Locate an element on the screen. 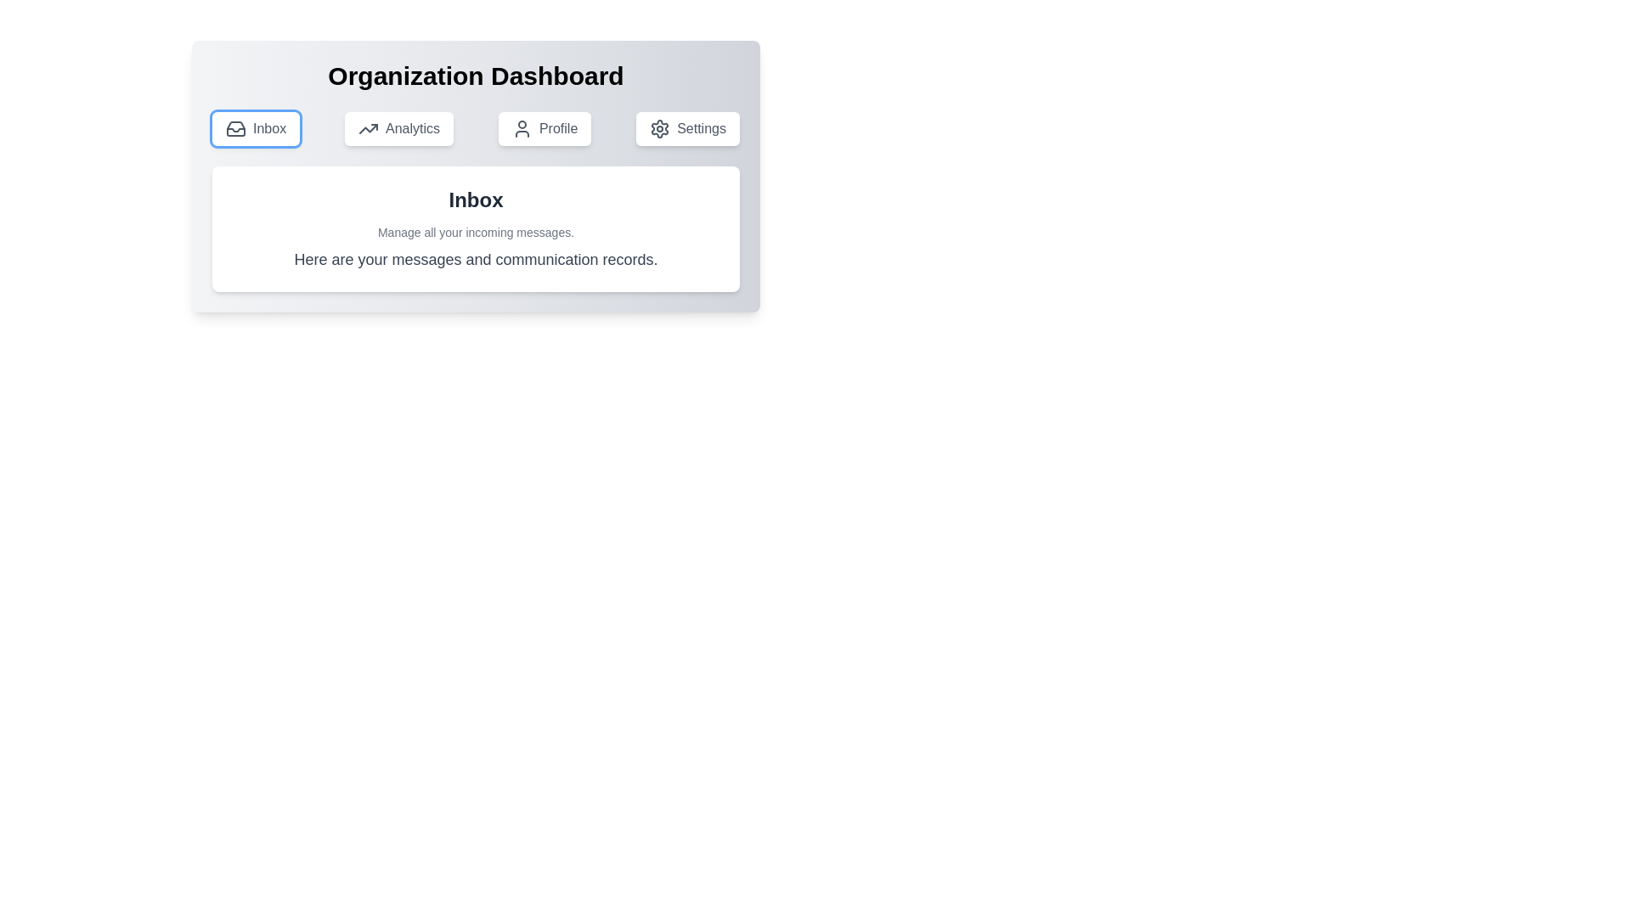 Image resolution: width=1631 pixels, height=917 pixels. the settings icon located is located at coordinates (659, 127).